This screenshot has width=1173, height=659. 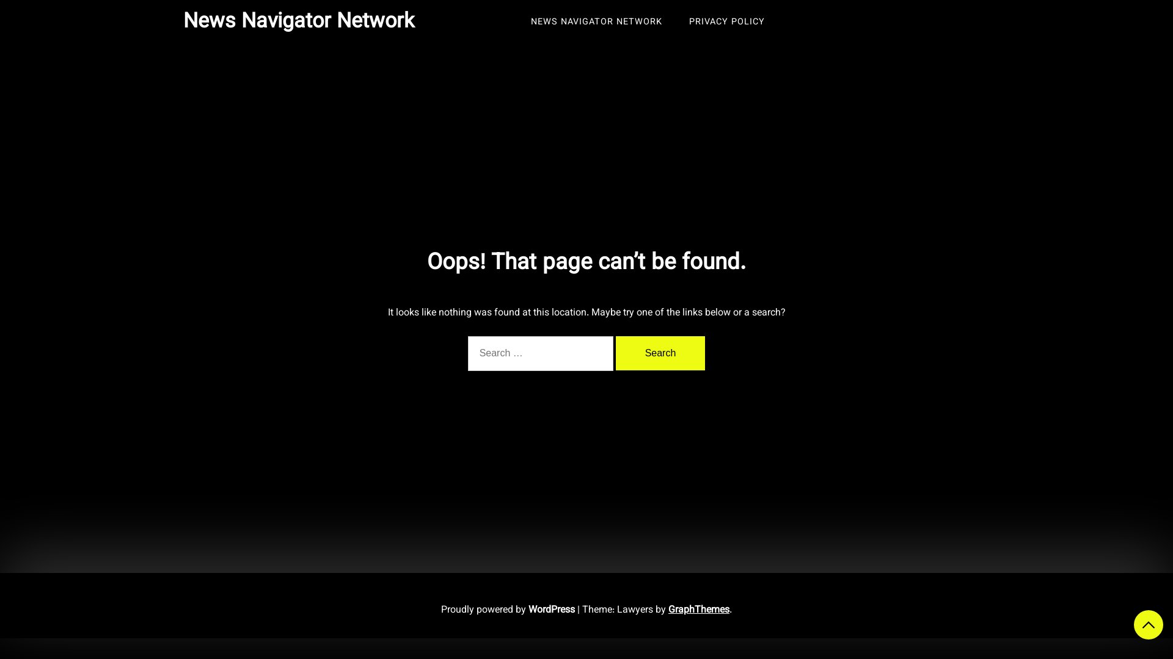 I want to click on 'News Navigator Network', so click(x=299, y=22).